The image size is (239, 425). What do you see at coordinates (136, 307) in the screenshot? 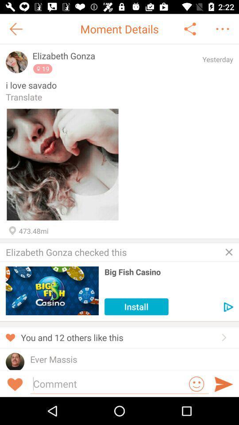
I see `the item below big fish casino` at bounding box center [136, 307].